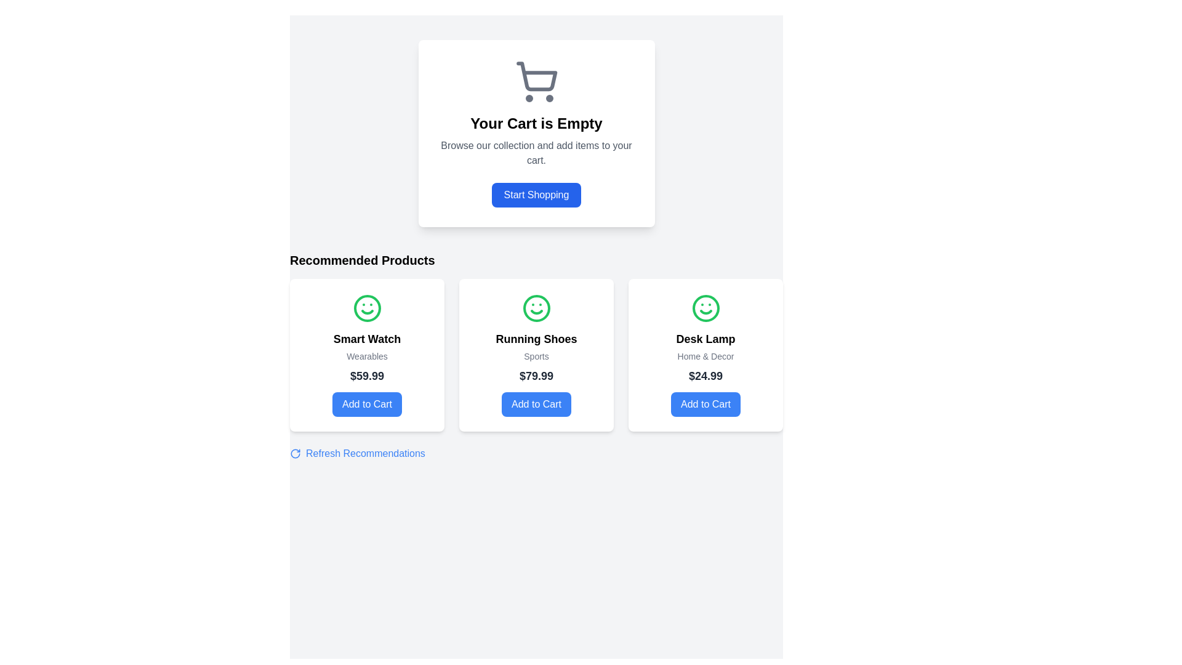  I want to click on the SVG Circle element that forms the outer boundary of the smiley face icon, which is located at the top-center of the 'Running Shoes' product card in the 'Recommended Products' section, so click(536, 308).